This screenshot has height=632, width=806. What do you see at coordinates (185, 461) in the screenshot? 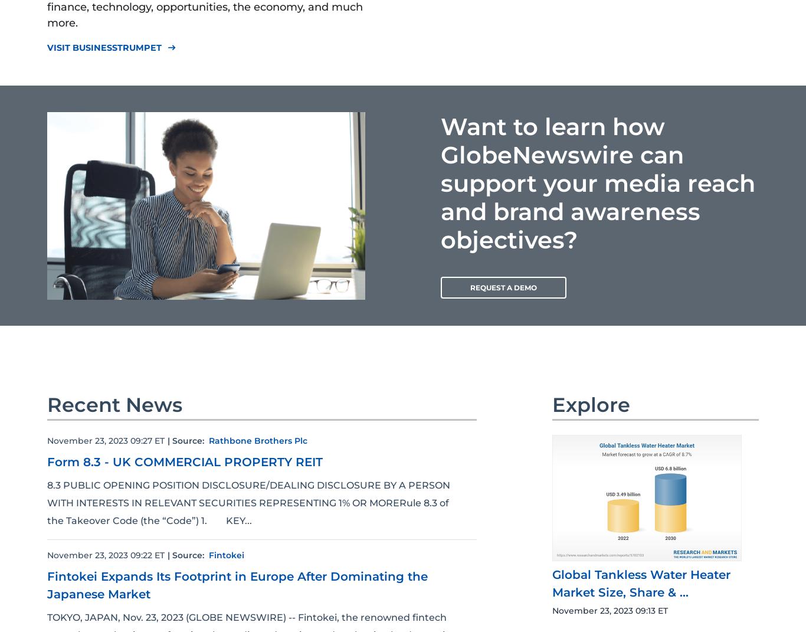
I see `'Form 8.3 - UK COMMERCIAL PROPERTY REIT'` at bounding box center [185, 461].